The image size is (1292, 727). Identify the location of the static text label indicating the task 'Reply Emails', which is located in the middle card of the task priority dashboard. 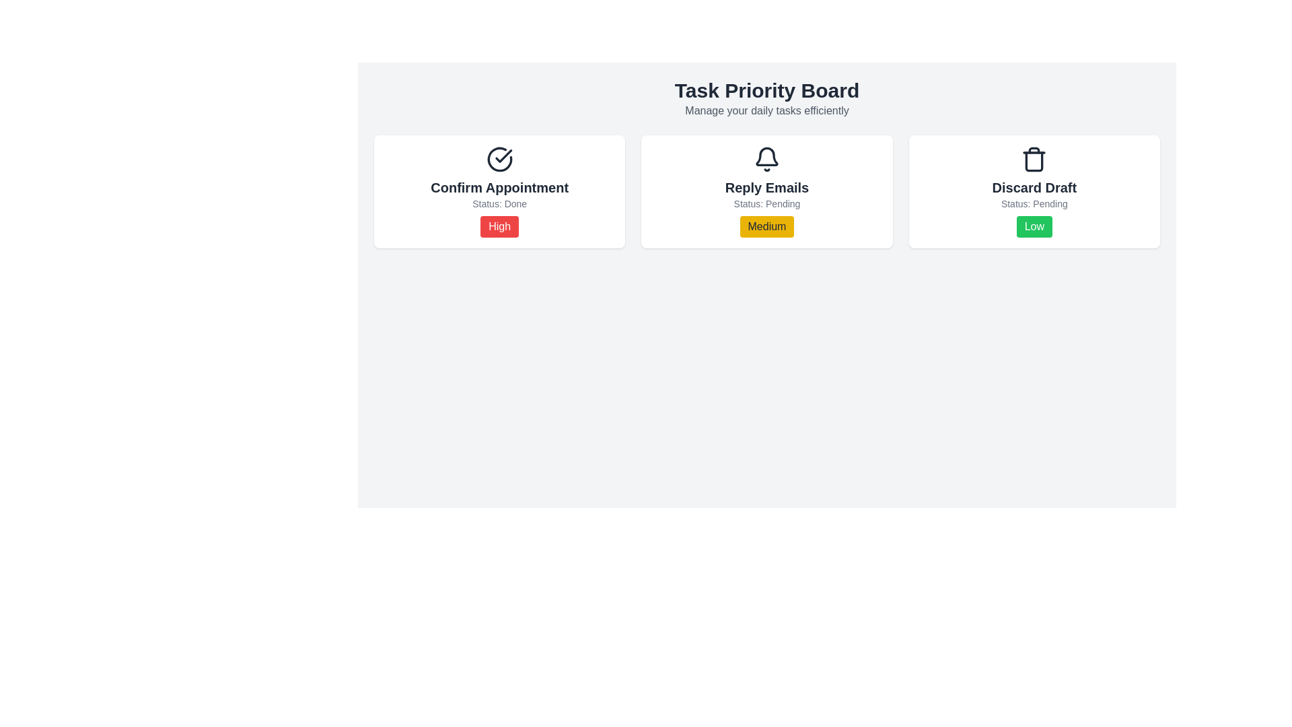
(766, 187).